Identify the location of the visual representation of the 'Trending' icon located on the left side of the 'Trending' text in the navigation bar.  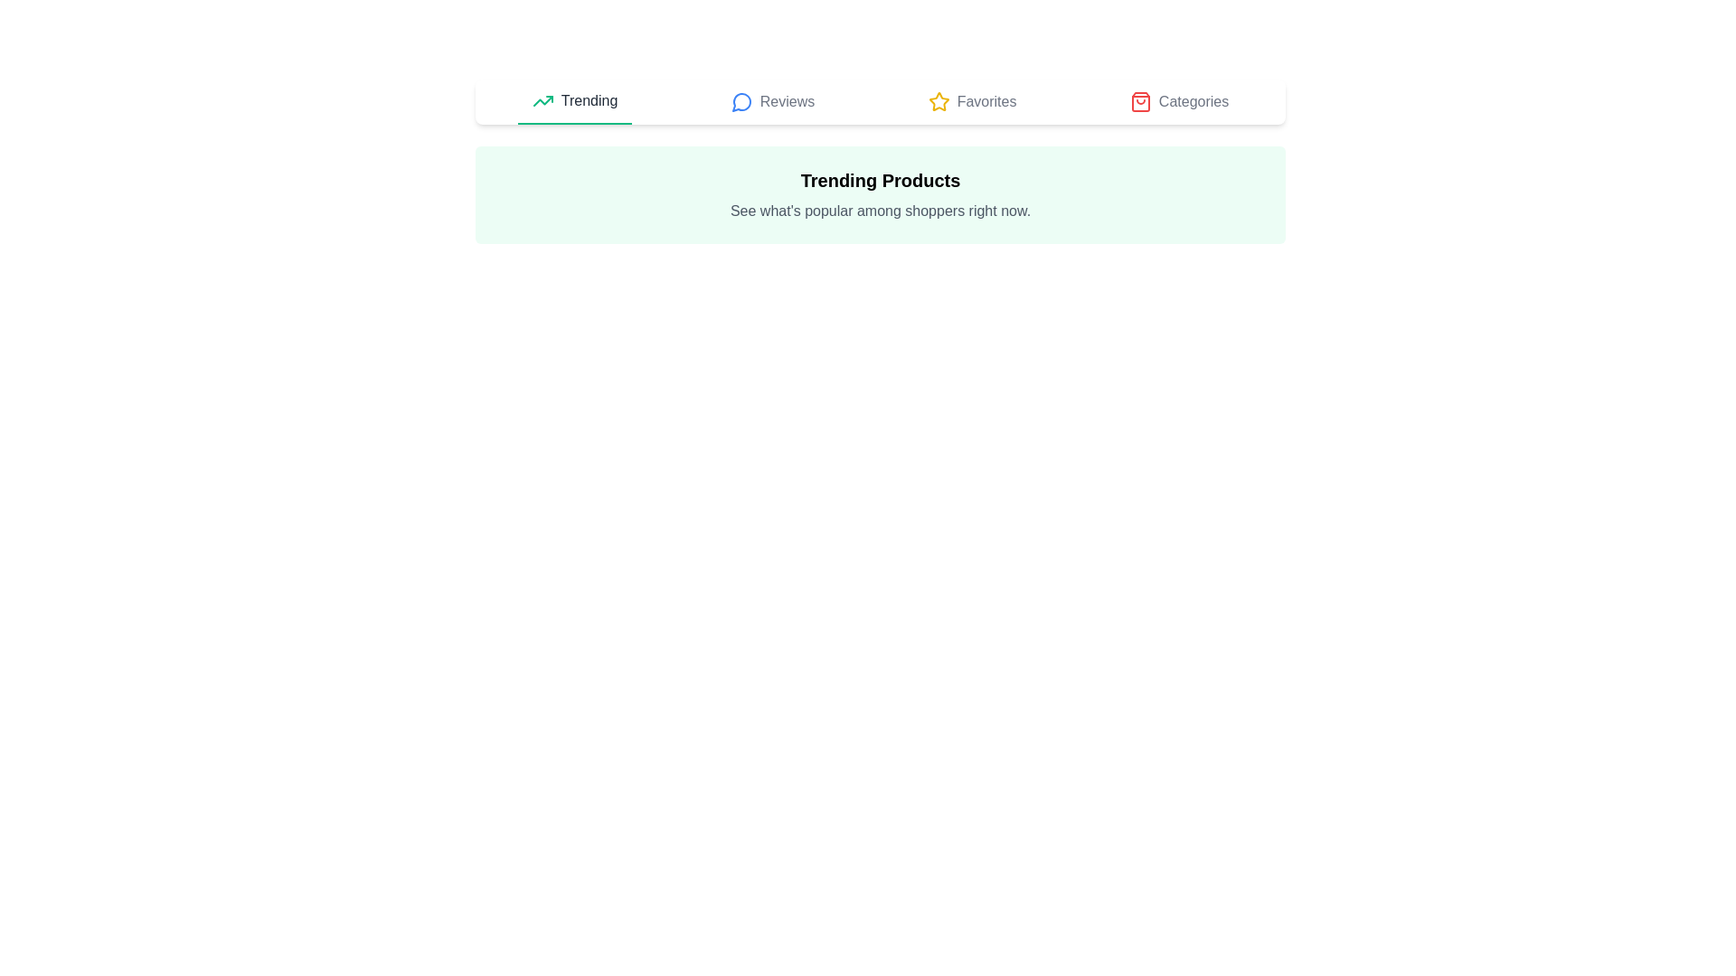
(542, 100).